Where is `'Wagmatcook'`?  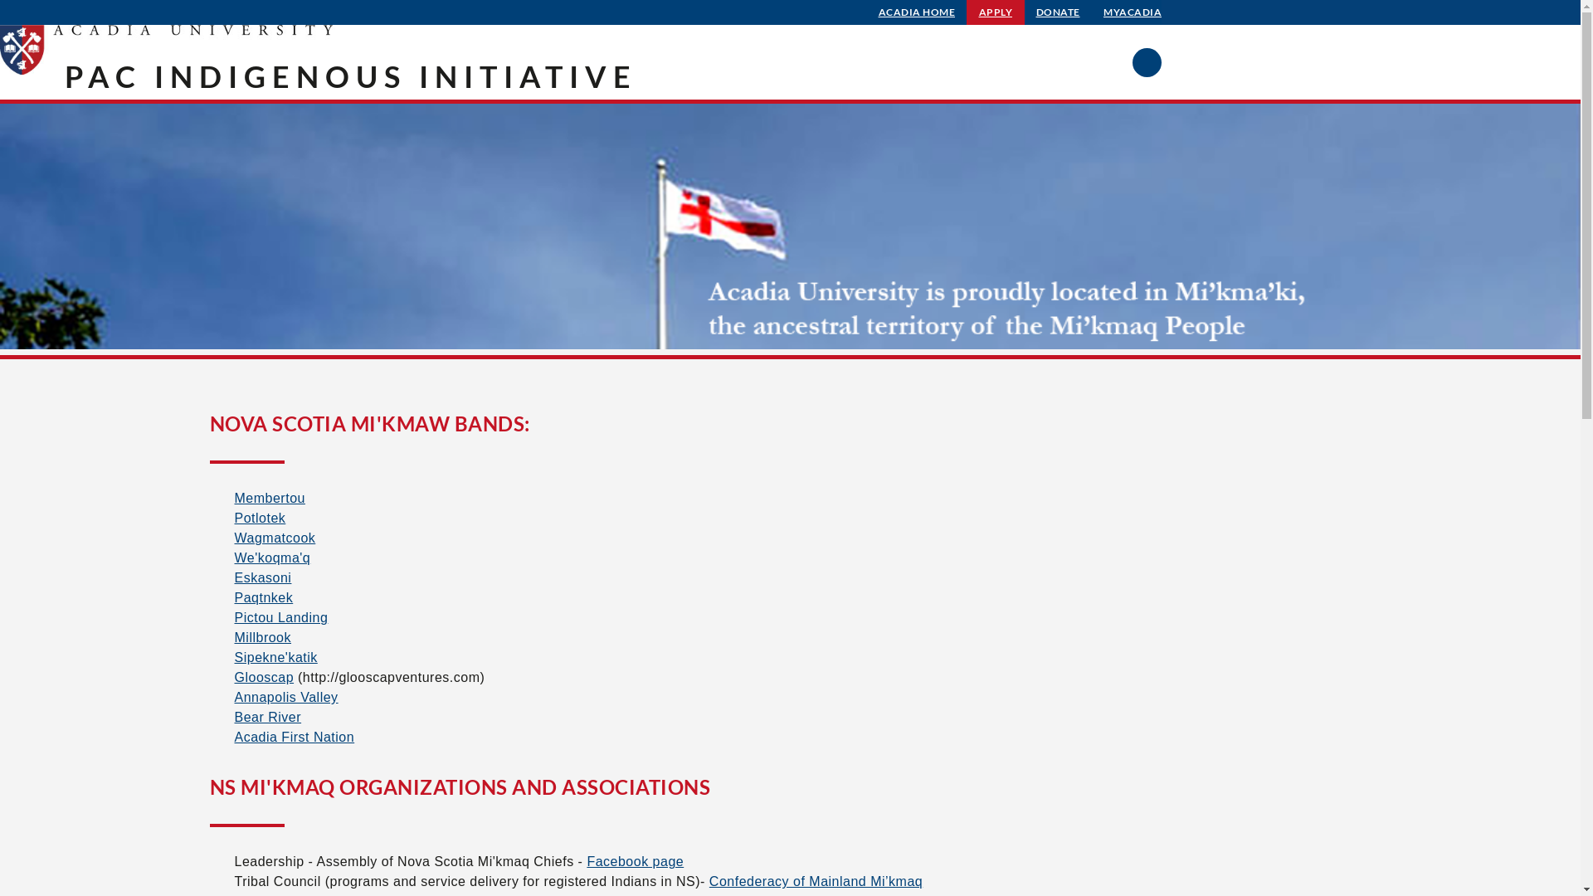 'Wagmatcook' is located at coordinates (275, 538).